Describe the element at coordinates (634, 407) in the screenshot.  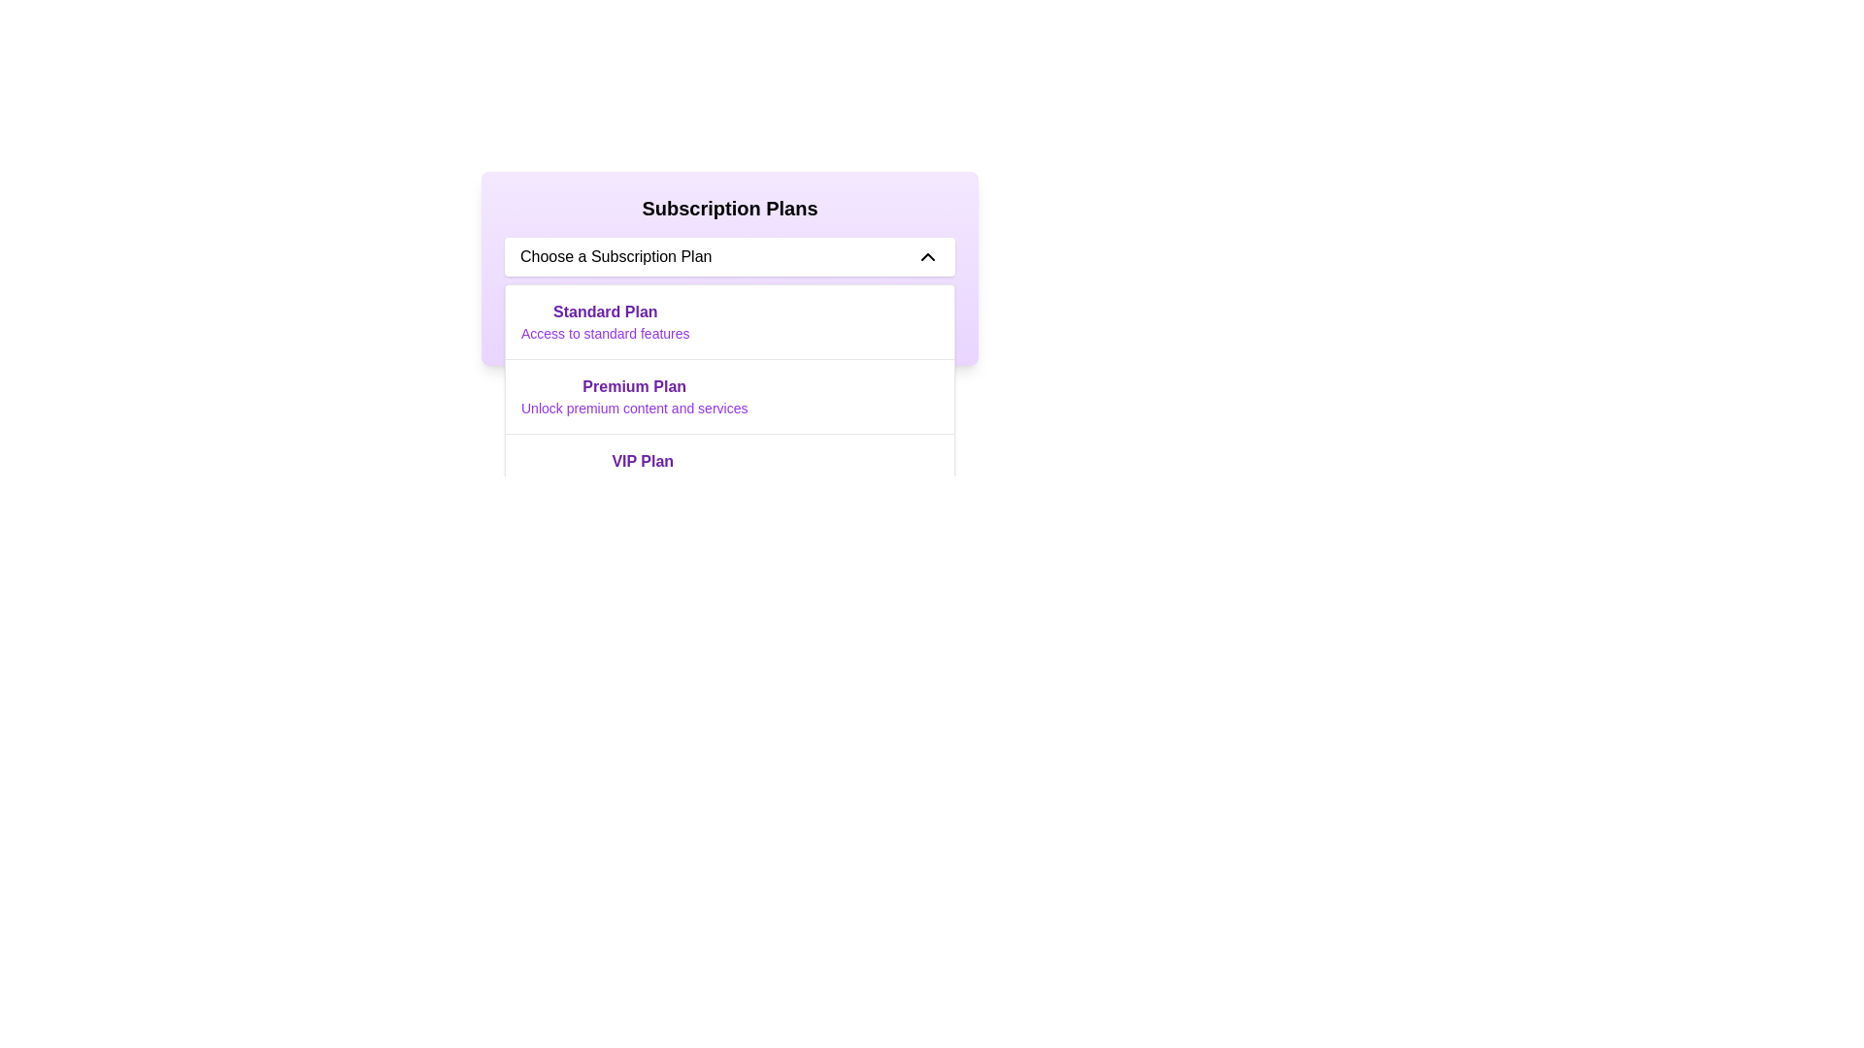
I see `descriptive text label located under the 'Premium Plan' option in the subscription dropdown interface` at that location.